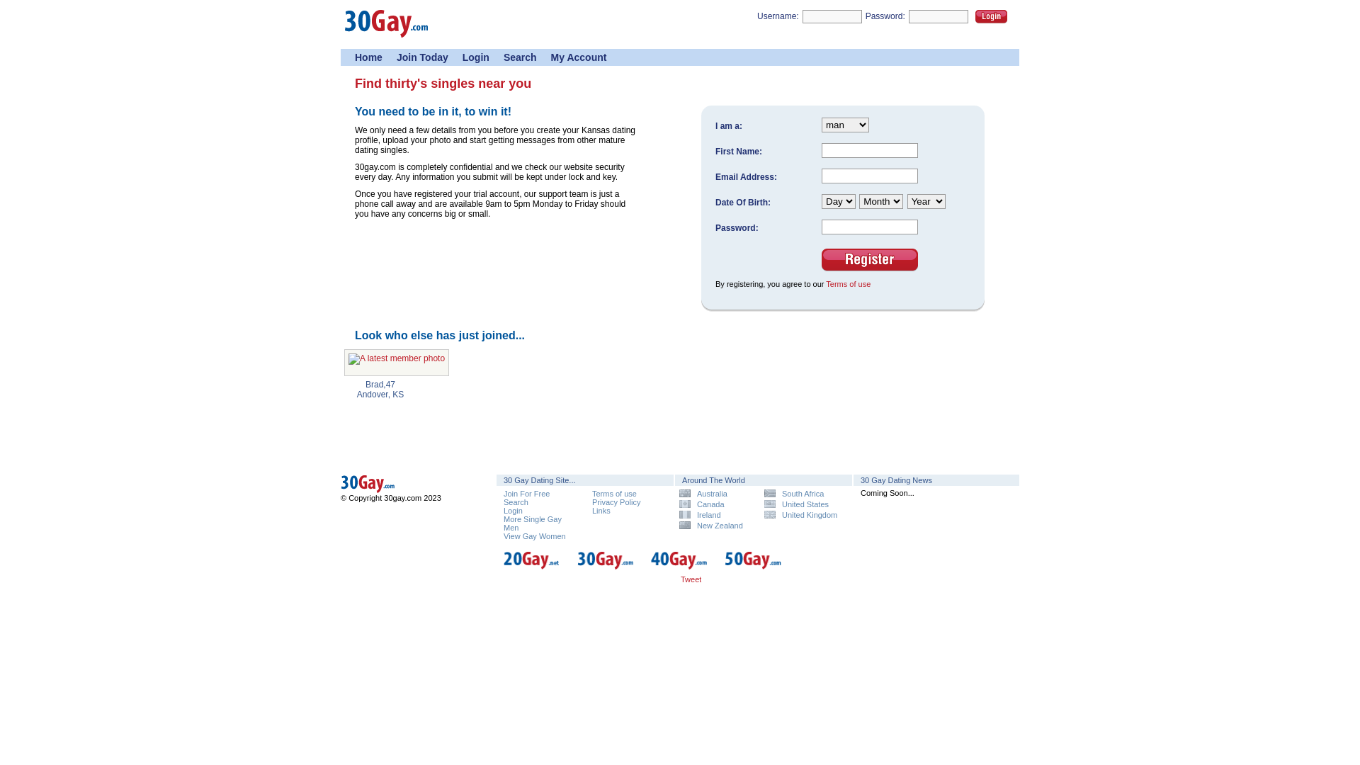 The height and width of the screenshot is (765, 1360). I want to click on 'More Single Gay Men', so click(532, 523).